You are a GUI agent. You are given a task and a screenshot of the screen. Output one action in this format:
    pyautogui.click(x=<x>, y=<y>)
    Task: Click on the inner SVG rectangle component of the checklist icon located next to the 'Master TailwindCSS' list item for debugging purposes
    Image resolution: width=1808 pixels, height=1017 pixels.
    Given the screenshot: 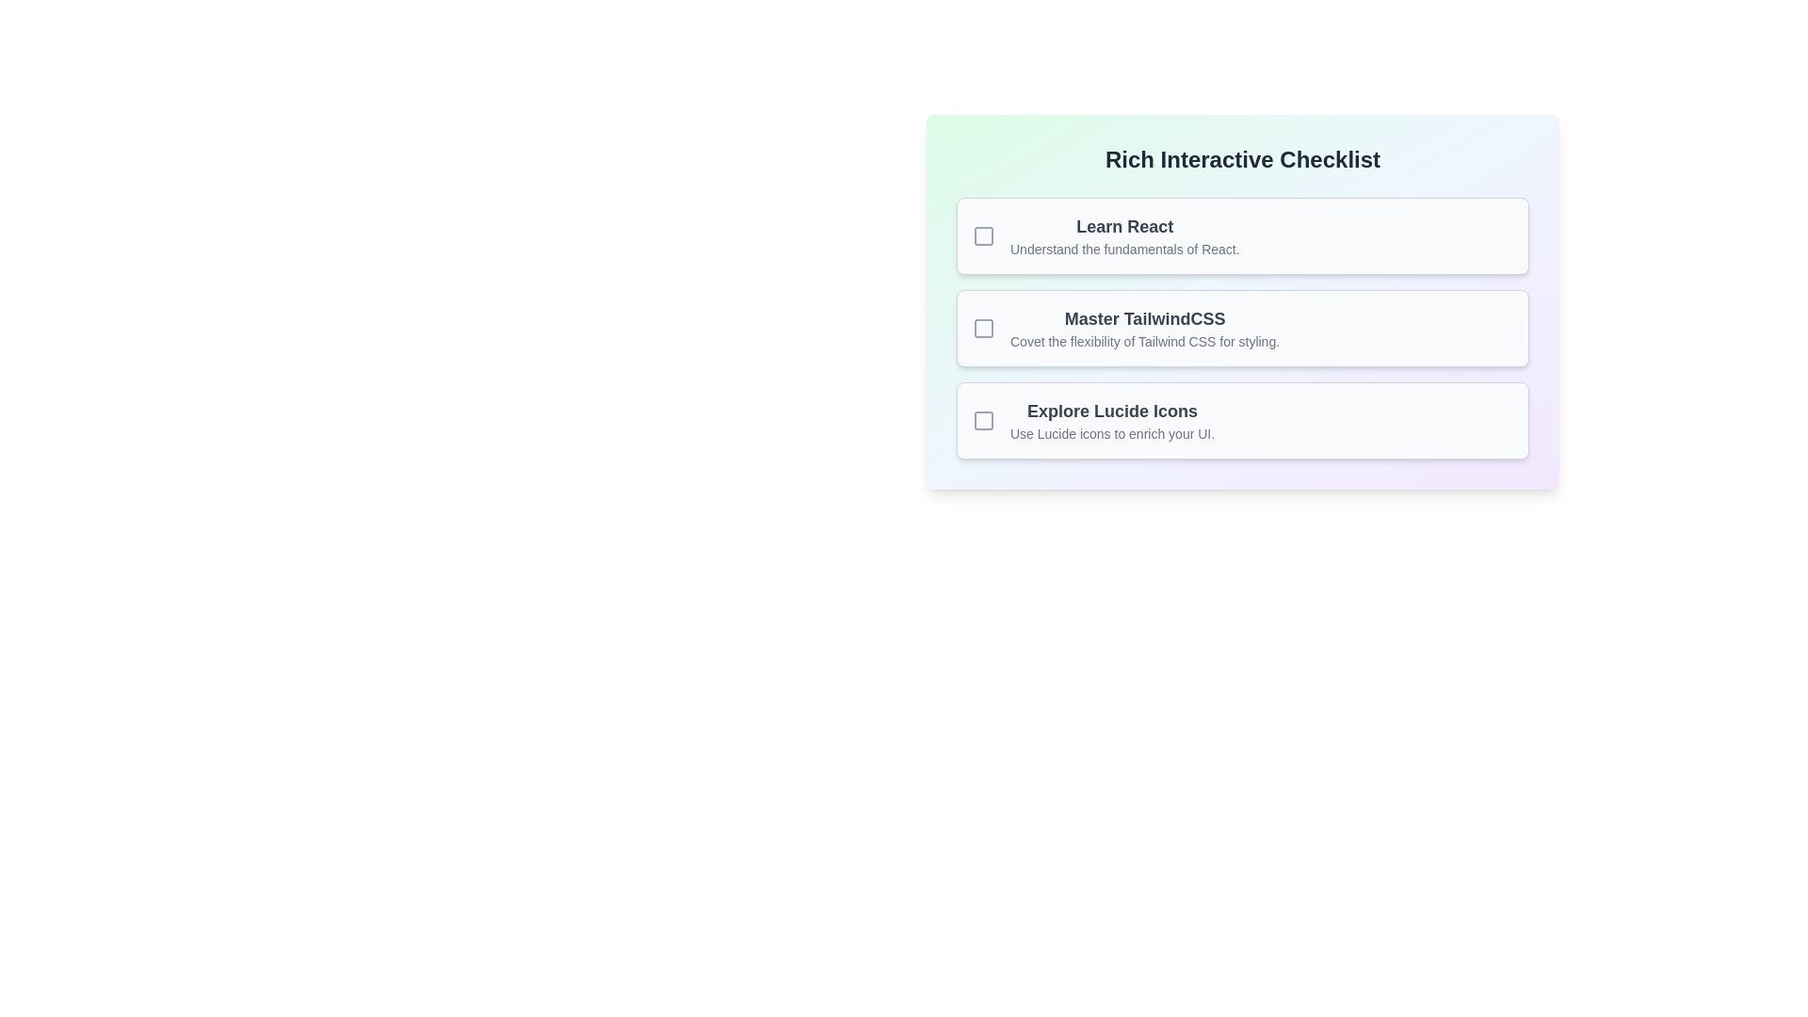 What is the action you would take?
    pyautogui.click(x=983, y=327)
    